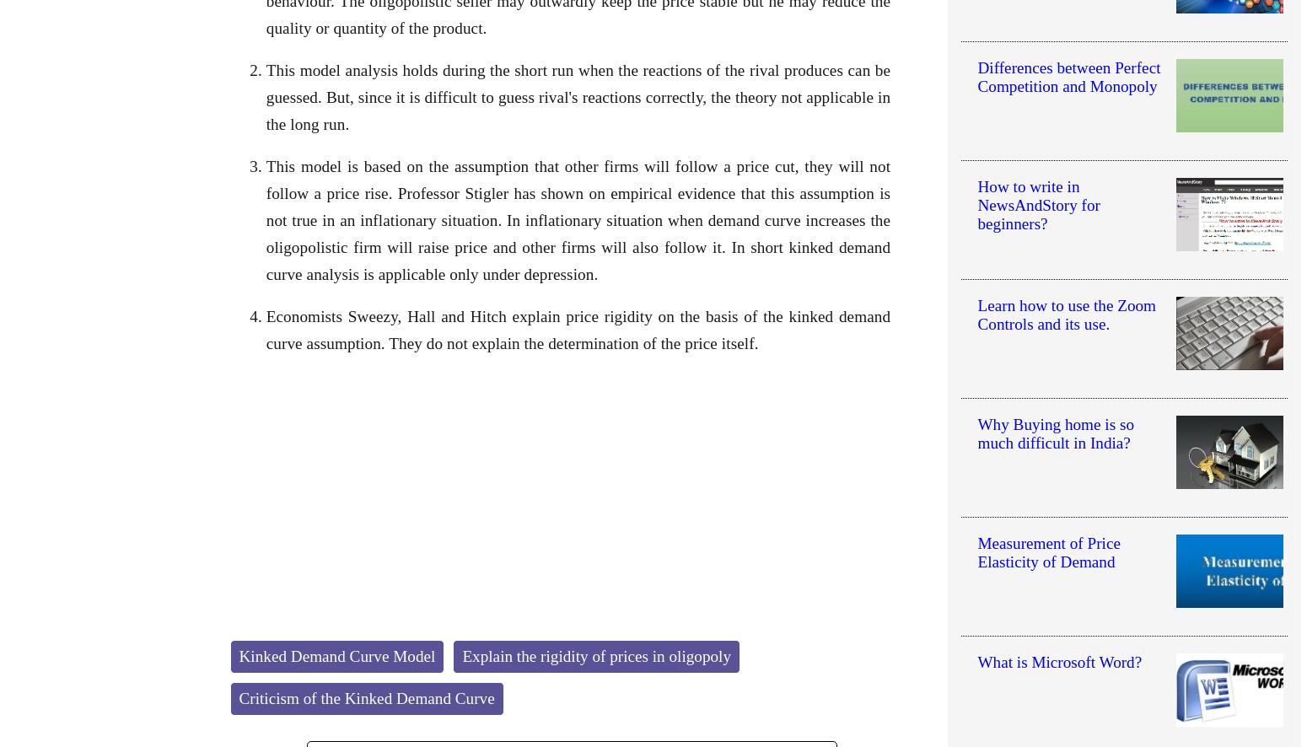 The height and width of the screenshot is (747, 1307). I want to click on 'Economists Sweezy, Hall and Hitch explain price rigidity on the basis of the kinked demand curve assumption. They do not explain the determination of the price itself.', so click(577, 329).